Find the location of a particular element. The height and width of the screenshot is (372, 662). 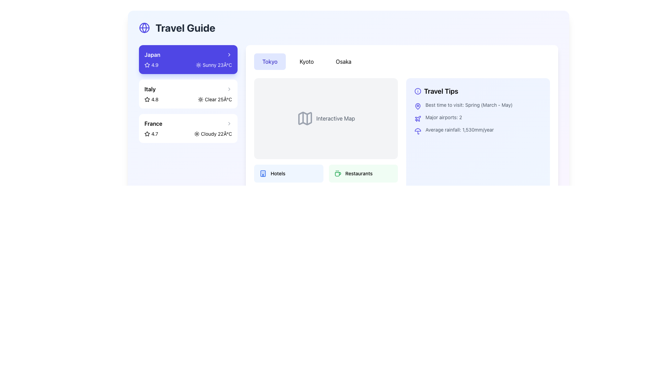

the outer circle of the globe icon, which has a blue border and is located next to the 'Travel Guide' heading in the top-left section of the interface is located at coordinates (144, 28).